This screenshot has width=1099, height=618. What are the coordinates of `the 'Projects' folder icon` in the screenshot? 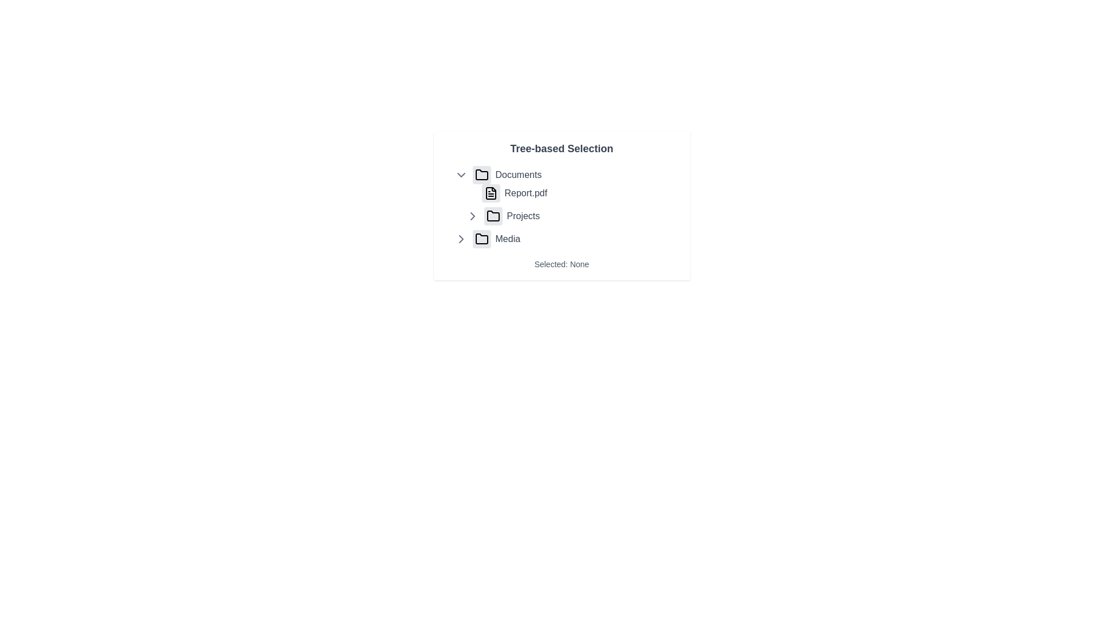 It's located at (493, 216).